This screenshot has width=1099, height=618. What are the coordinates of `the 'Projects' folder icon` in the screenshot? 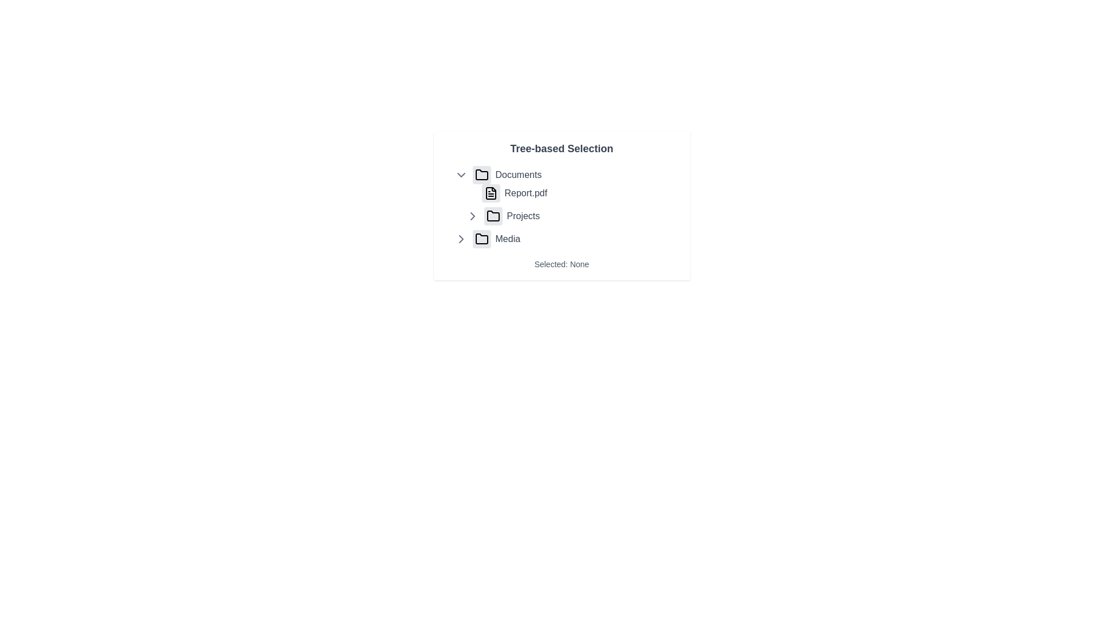 It's located at (493, 216).